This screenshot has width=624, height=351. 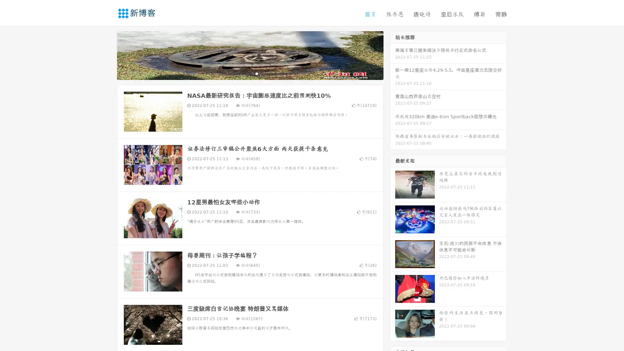 What do you see at coordinates (393, 55) in the screenshot?
I see `Next slide` at bounding box center [393, 55].